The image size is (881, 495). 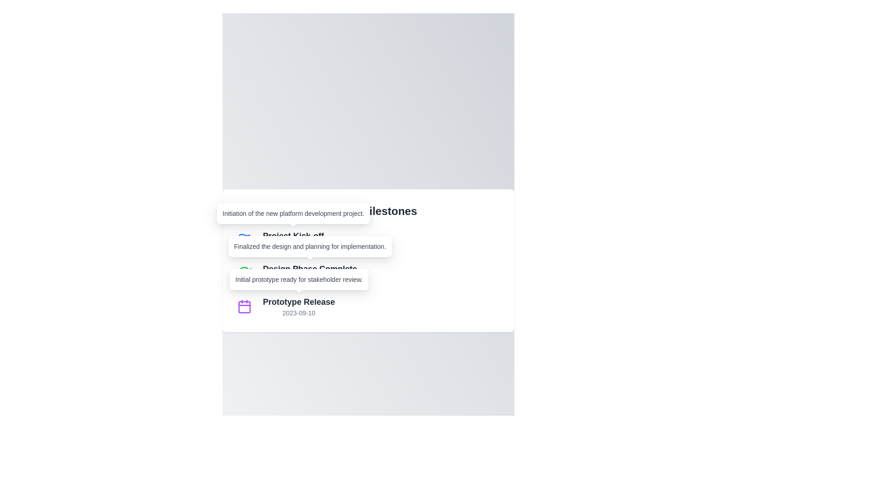 What do you see at coordinates (246, 271) in the screenshot?
I see `the checkmark icon within the circular badge that indicates task completion in the middle-right area of the interface` at bounding box center [246, 271].